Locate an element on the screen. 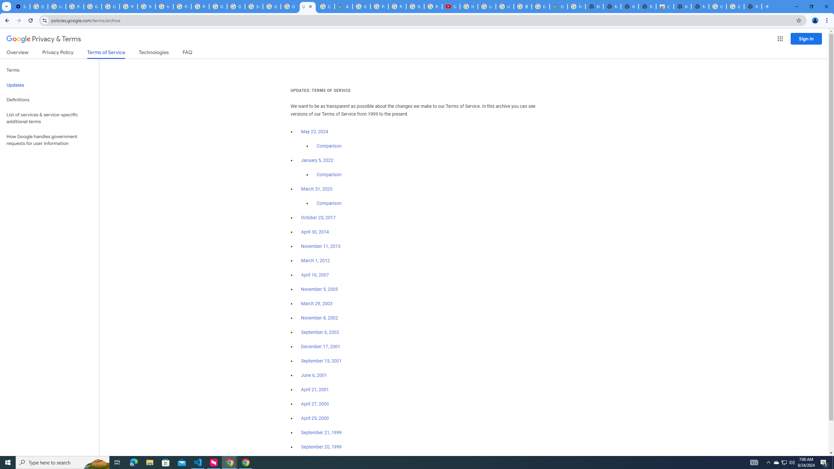 Image resolution: width=834 pixels, height=469 pixels. 'Privacy Policy' is located at coordinates (57, 53).